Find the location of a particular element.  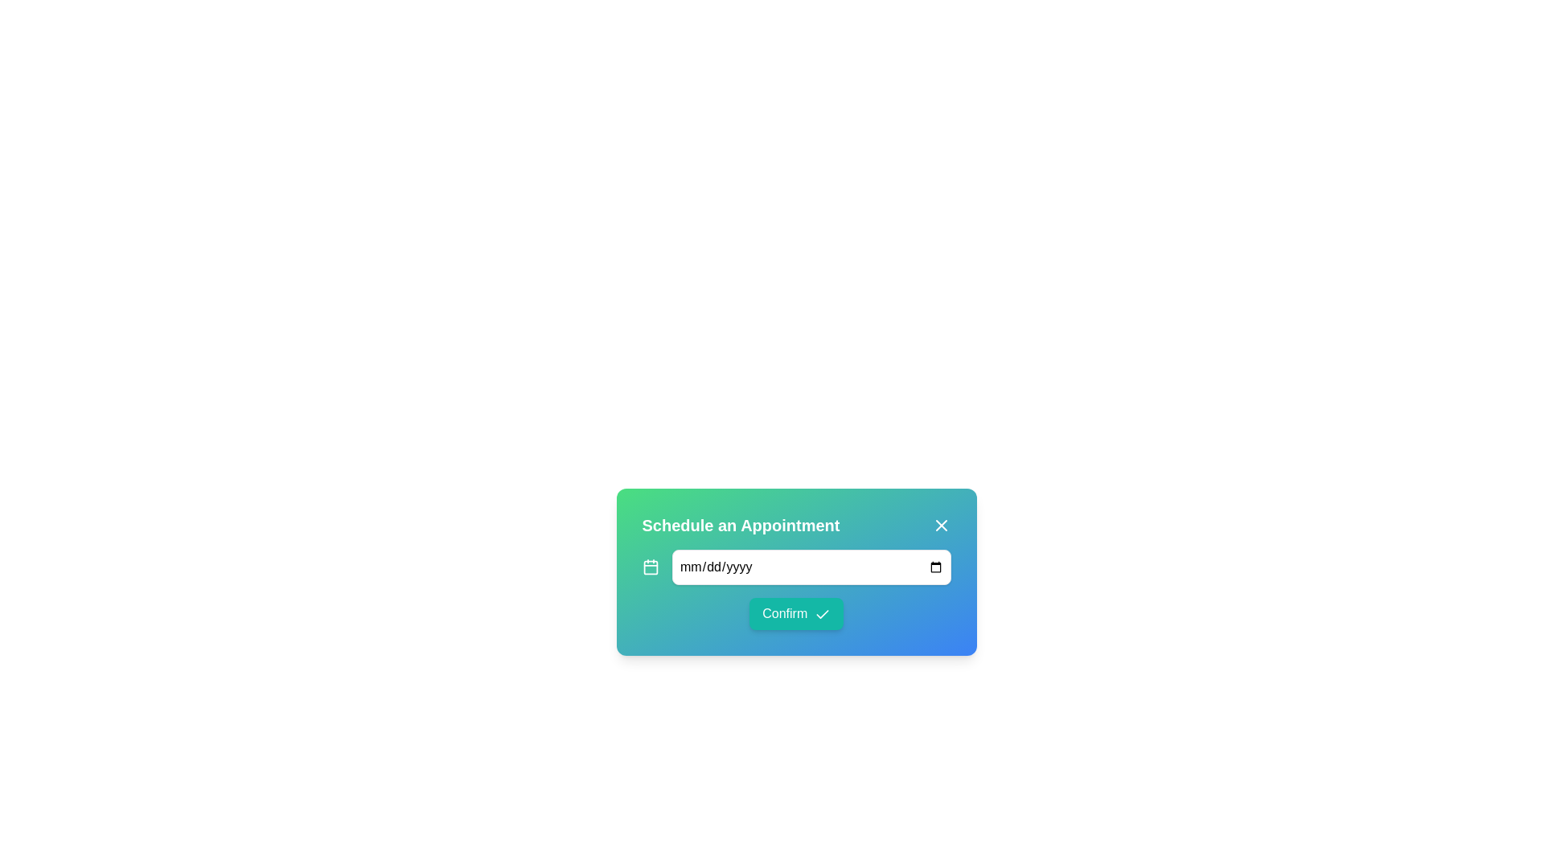

the Close Icon (a diagonal cross 'X' within a circular outline) located in the top-right corner of the 'Schedule an Appointment' modal is located at coordinates (941, 526).